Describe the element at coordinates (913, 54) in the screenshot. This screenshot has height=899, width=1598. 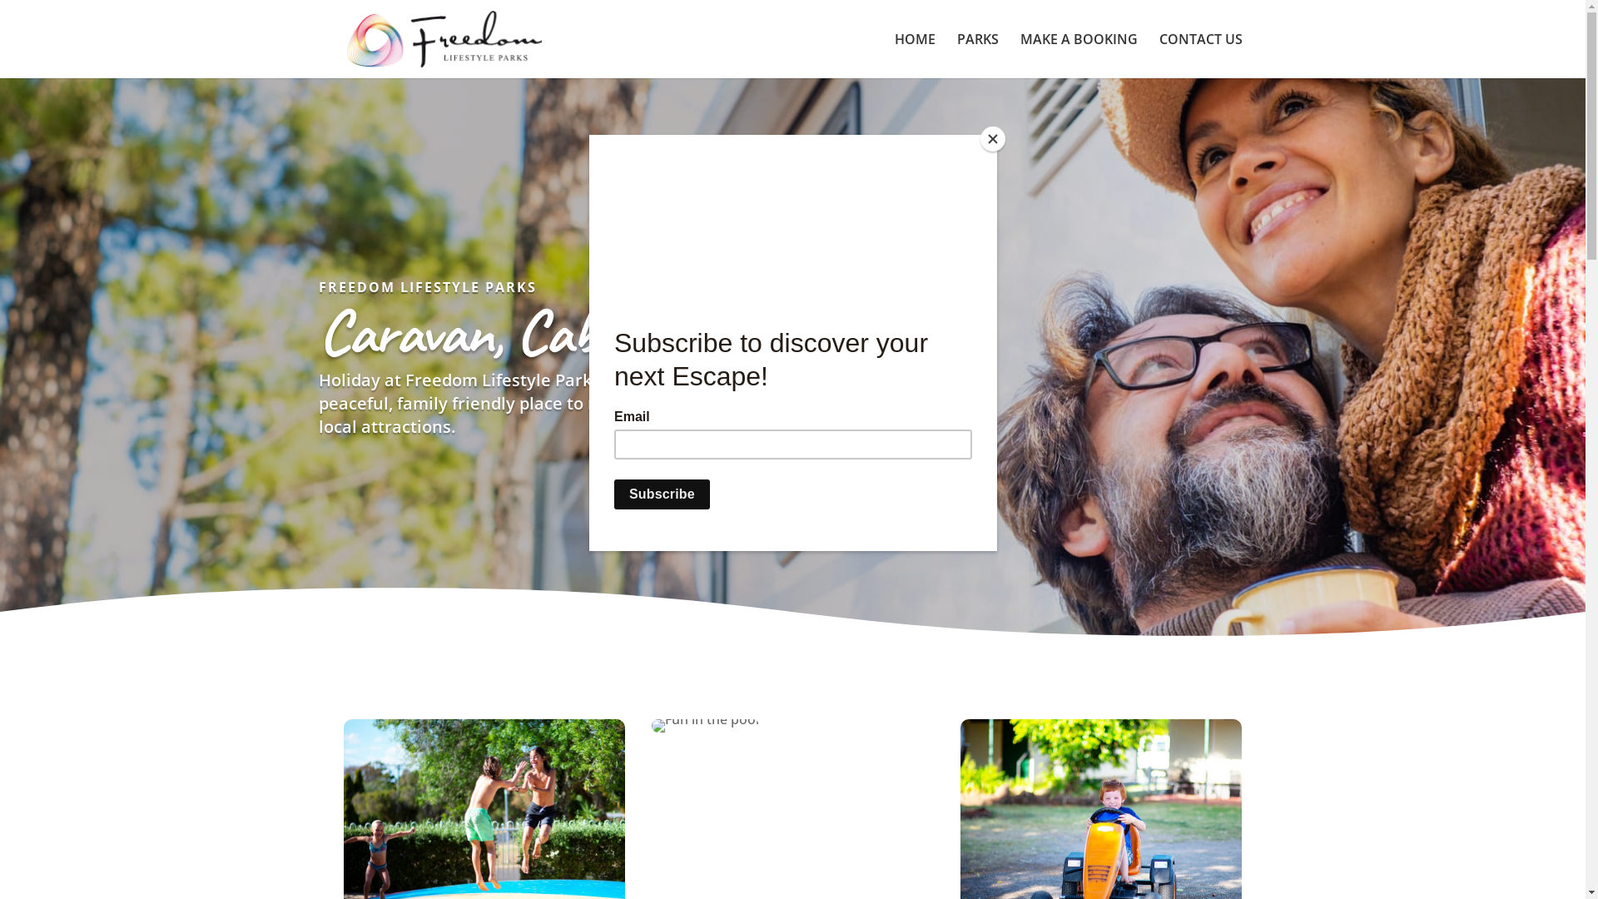
I see `'HOME'` at that location.